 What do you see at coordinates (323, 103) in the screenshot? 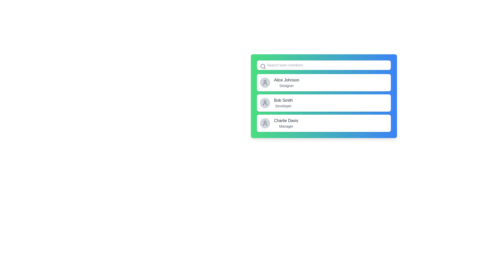
I see `the Card item displaying 'Bob Smith'` at bounding box center [323, 103].